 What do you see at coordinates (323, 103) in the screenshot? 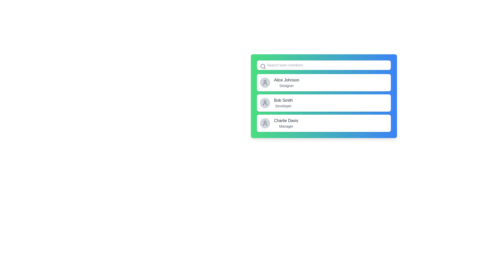
I see `the Card item displaying 'Bob Smith'` at bounding box center [323, 103].